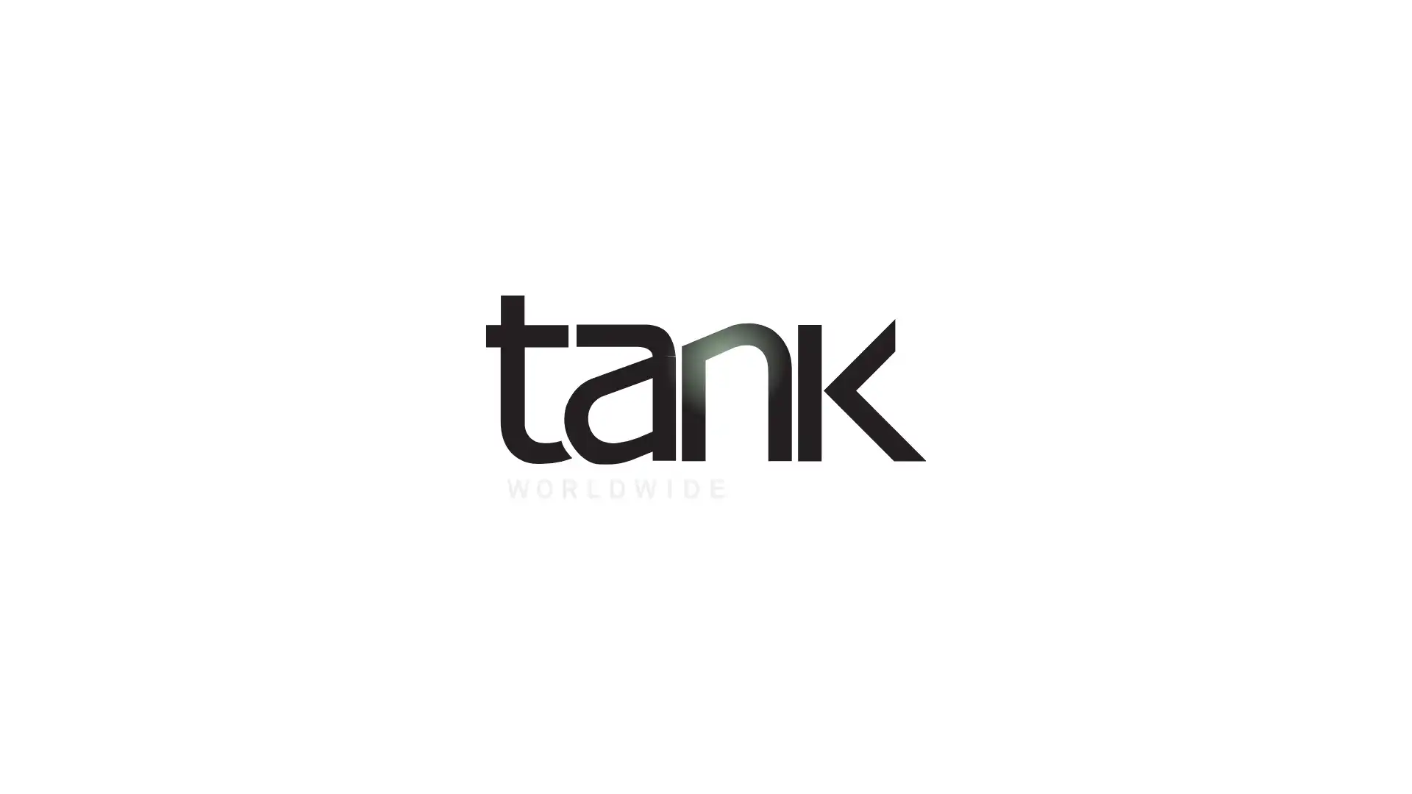 Image resolution: width=1412 pixels, height=794 pixels. Describe the element at coordinates (966, 770) in the screenshot. I see `Cookies Settings` at that location.